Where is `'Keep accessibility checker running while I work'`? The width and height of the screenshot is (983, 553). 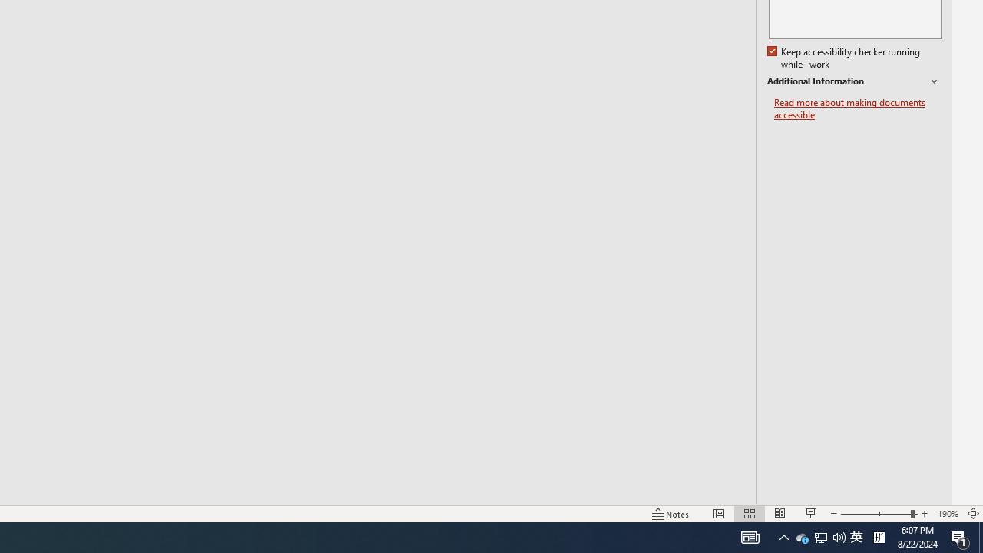 'Keep accessibility checker running while I work' is located at coordinates (844, 58).